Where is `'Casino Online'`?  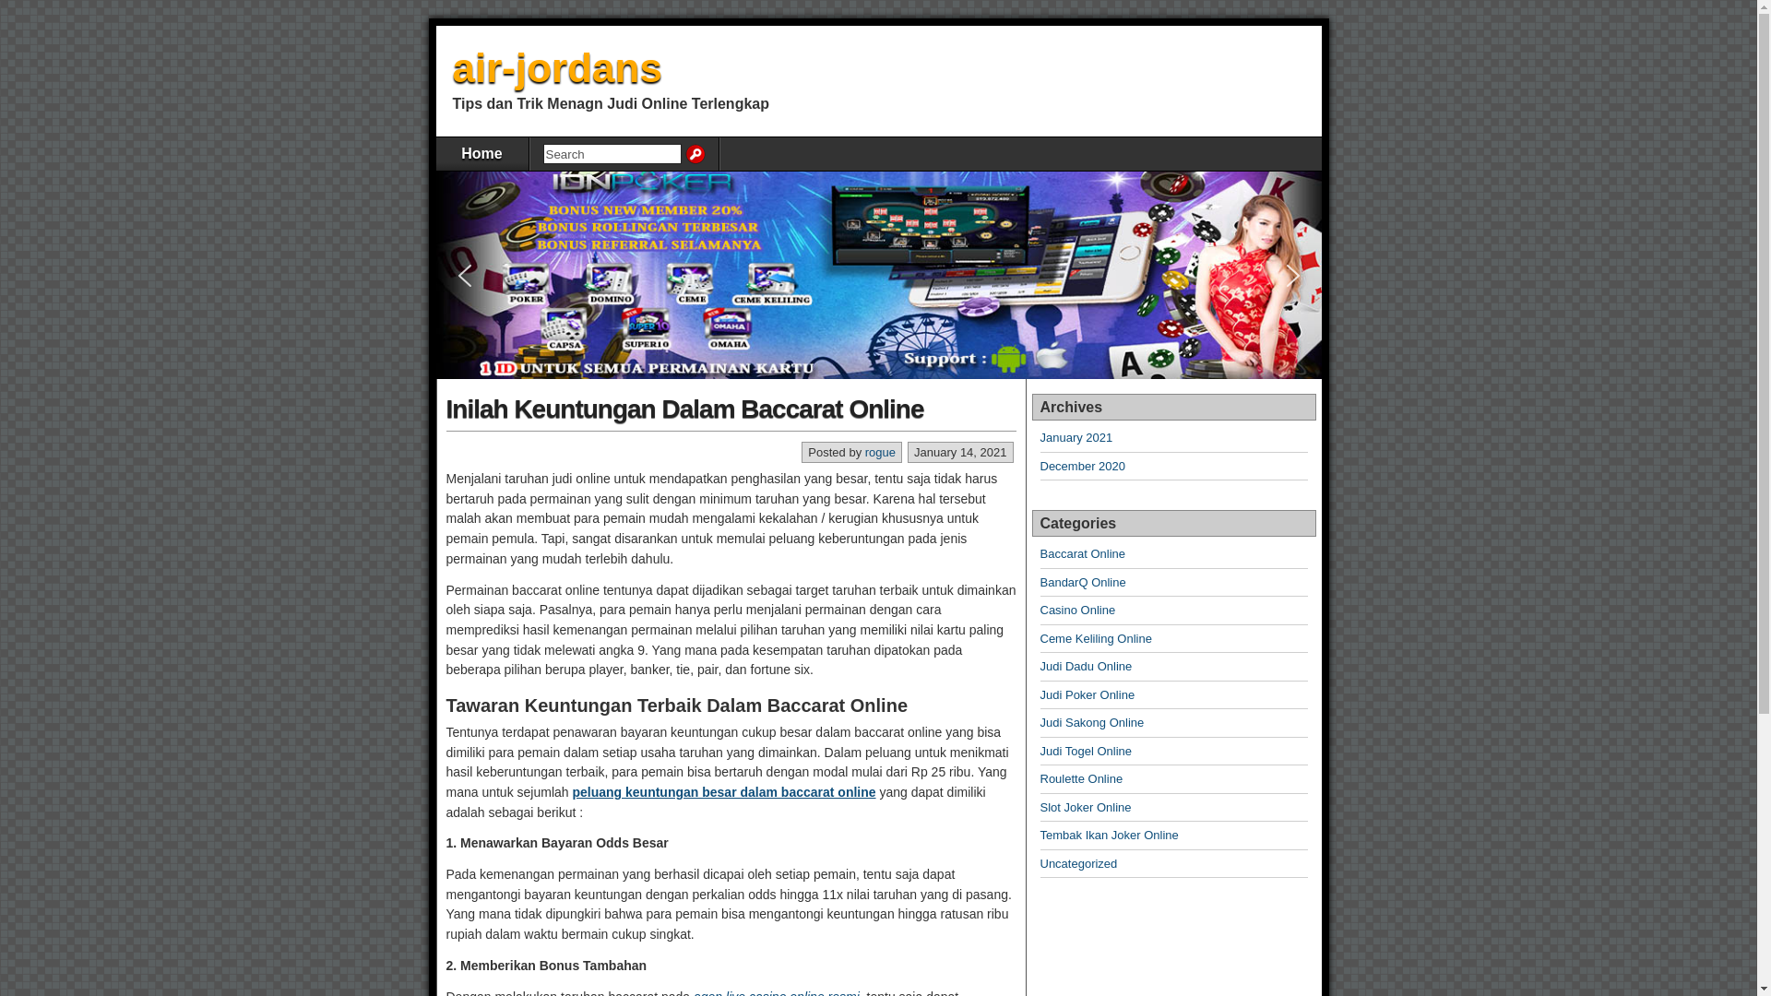 'Casino Online' is located at coordinates (1040, 610).